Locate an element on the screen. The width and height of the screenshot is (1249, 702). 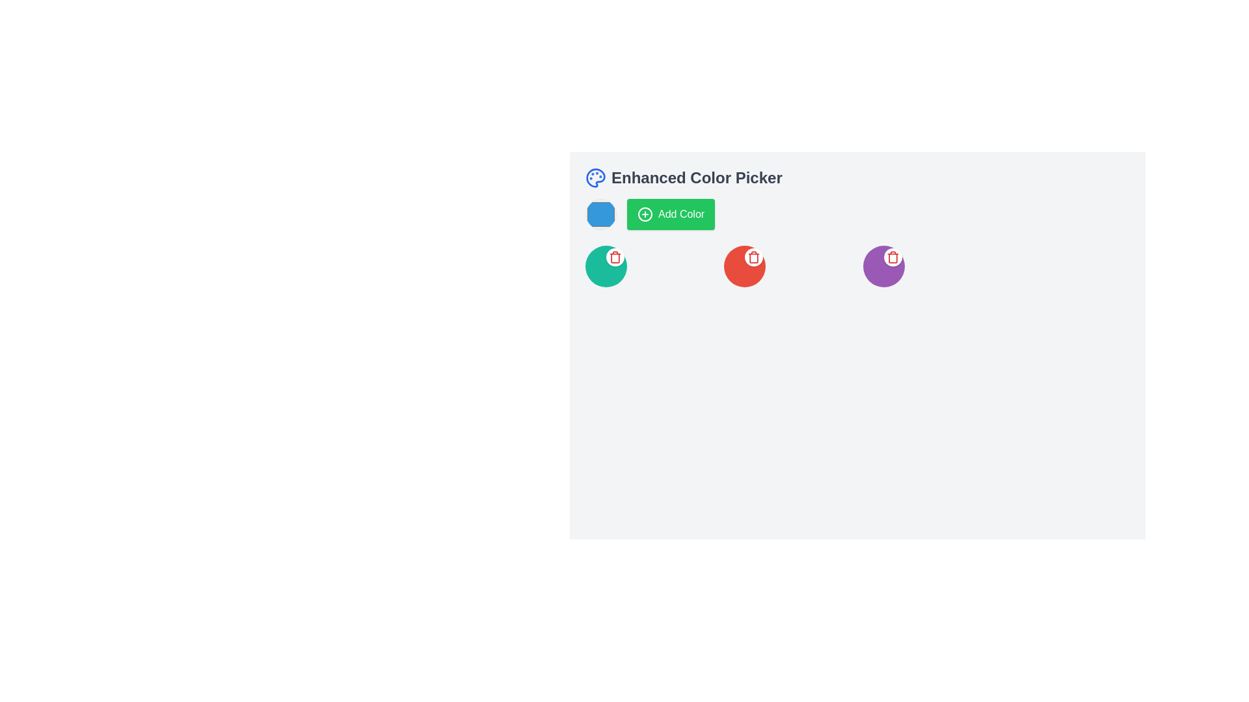
the central delete icon within the circular red button located on the right-hand side above the purple circular item is located at coordinates (754, 257).